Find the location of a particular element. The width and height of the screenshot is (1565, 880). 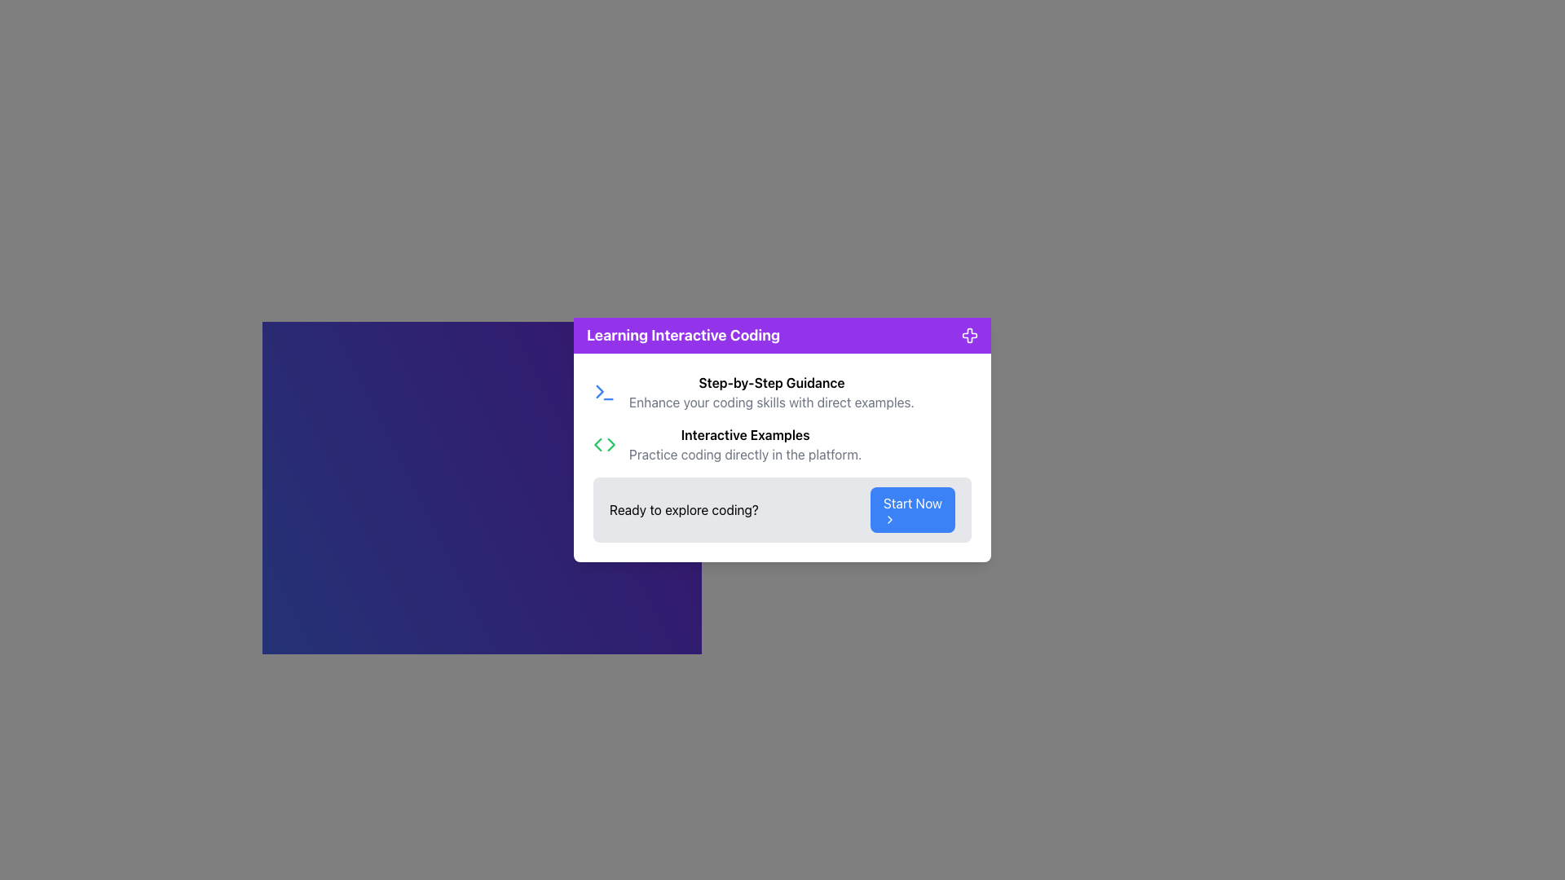

the 'Step-by-Step Guidance' text block and its associated icon is located at coordinates (782, 393).